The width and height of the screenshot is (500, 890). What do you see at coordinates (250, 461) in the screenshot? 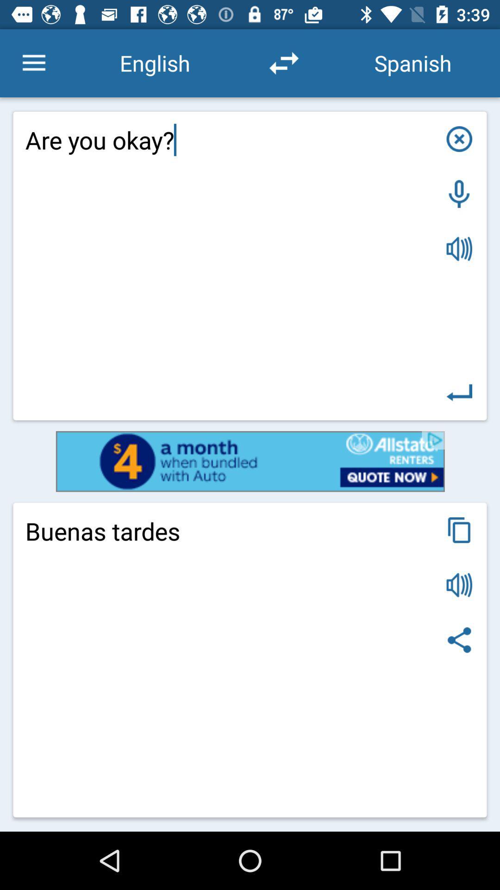
I see `advertisement` at bounding box center [250, 461].